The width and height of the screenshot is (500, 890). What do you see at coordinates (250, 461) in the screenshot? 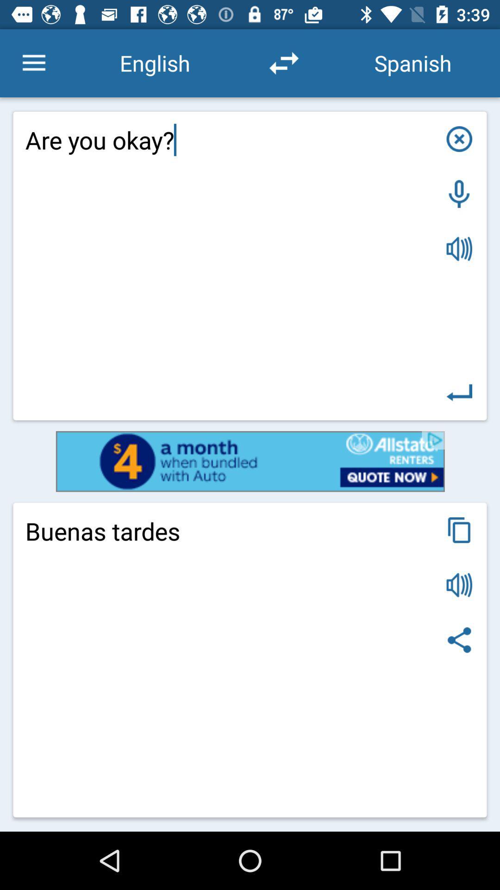
I see `advertisement` at bounding box center [250, 461].